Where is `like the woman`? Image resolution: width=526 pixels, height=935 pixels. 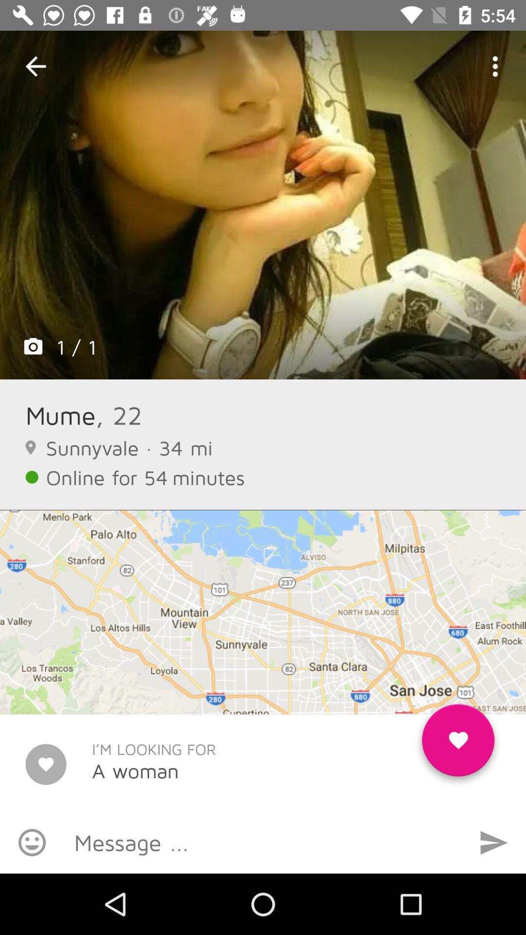
like the woman is located at coordinates (458, 744).